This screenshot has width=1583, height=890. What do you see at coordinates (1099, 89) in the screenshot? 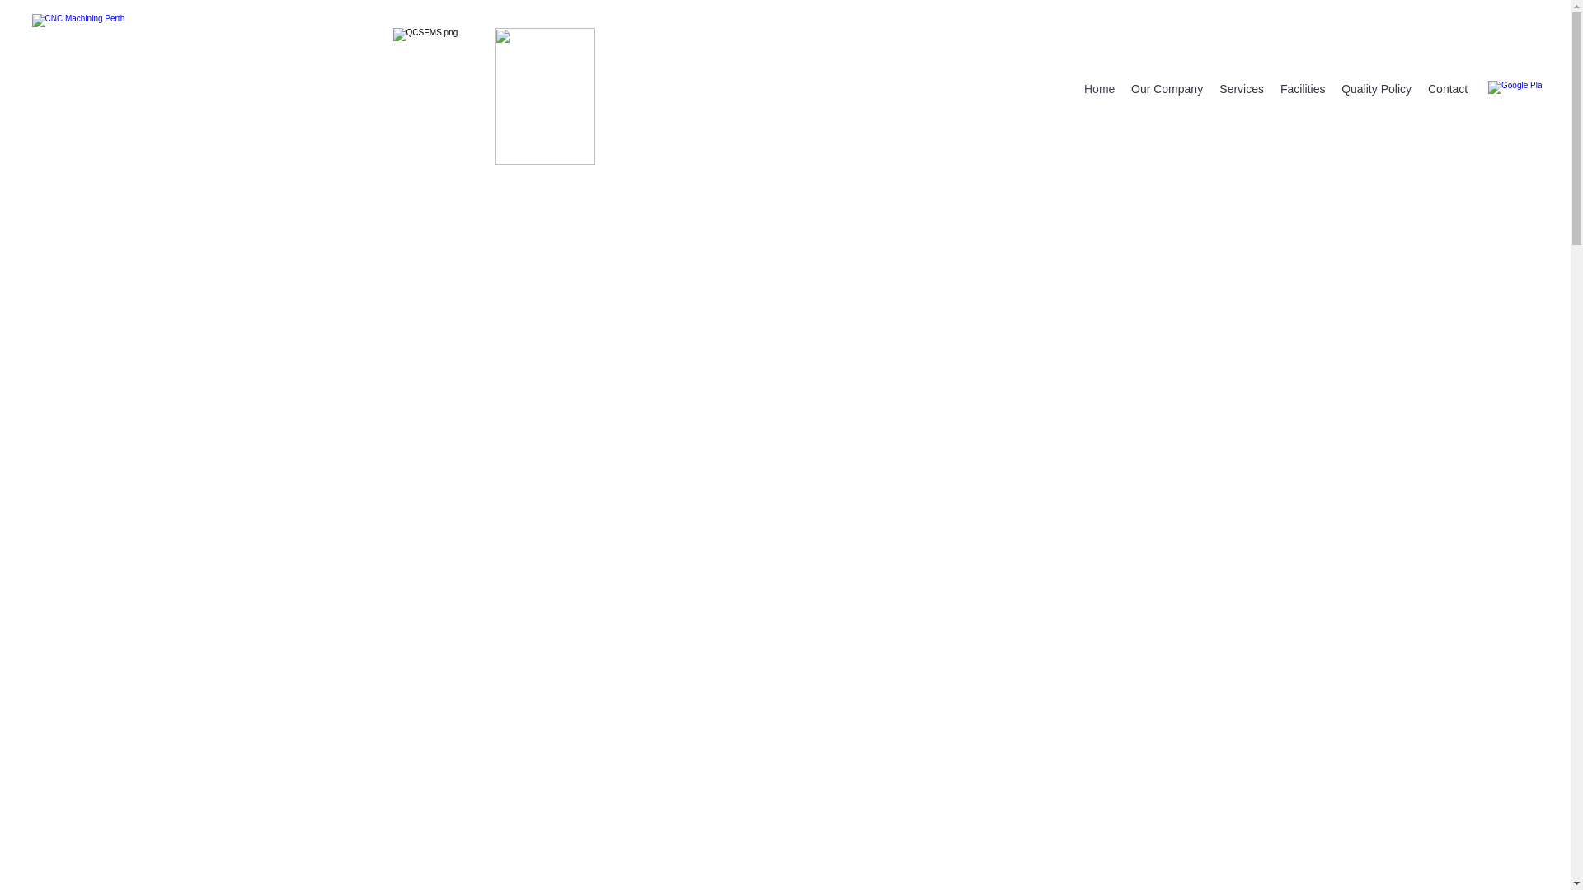
I see `'Home'` at bounding box center [1099, 89].